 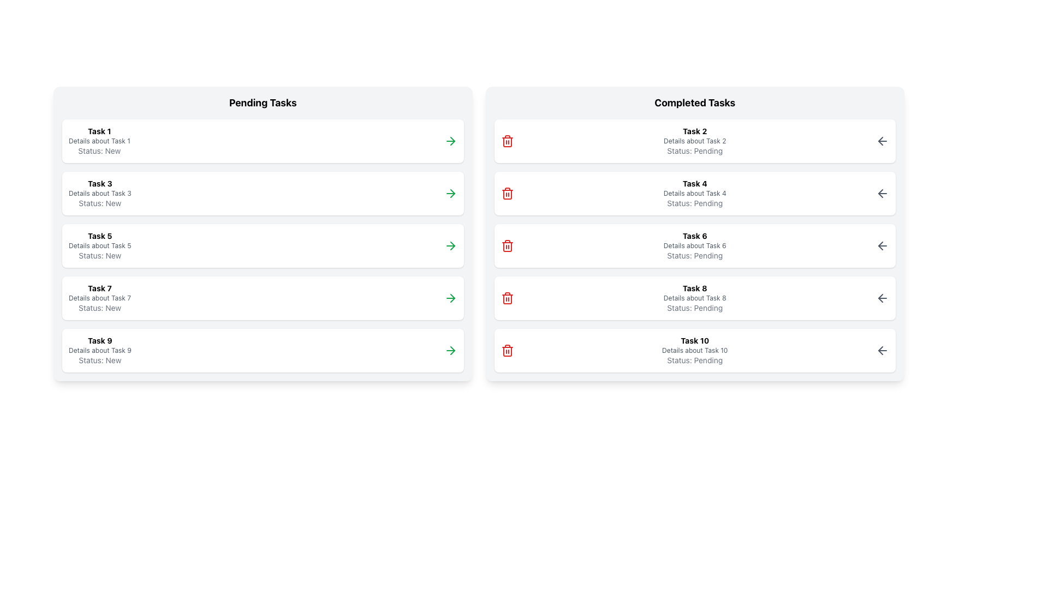 I want to click on the List Item labeled 'Task 3' which displays 'Details about Task 3' and 'Status: New', so click(x=100, y=193).